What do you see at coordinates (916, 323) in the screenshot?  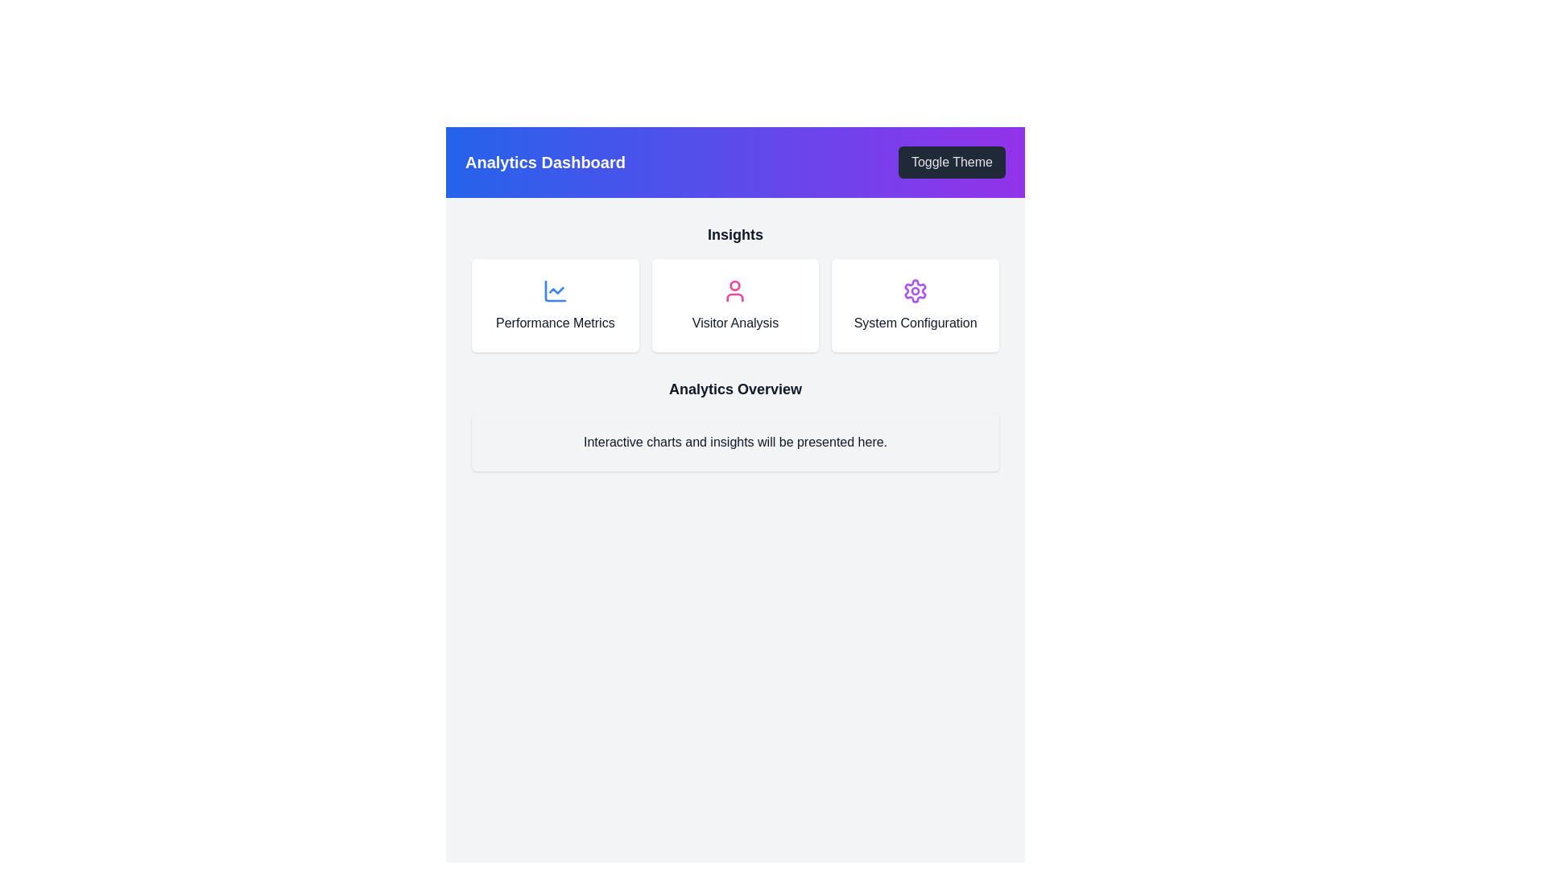 I see `the 'System Configuration' text label, which is styled in a dark bold font and located beneath the settings icon on the dashboard in the 'Insights' section` at bounding box center [916, 323].